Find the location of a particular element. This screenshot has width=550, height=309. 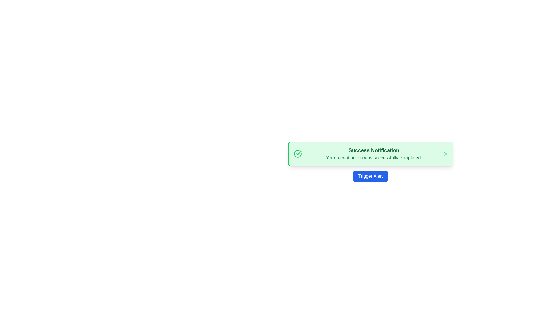

the green circular Decorative icon with a checkmark inside, located at the leftmost part of the success notification banner is located at coordinates (298, 153).